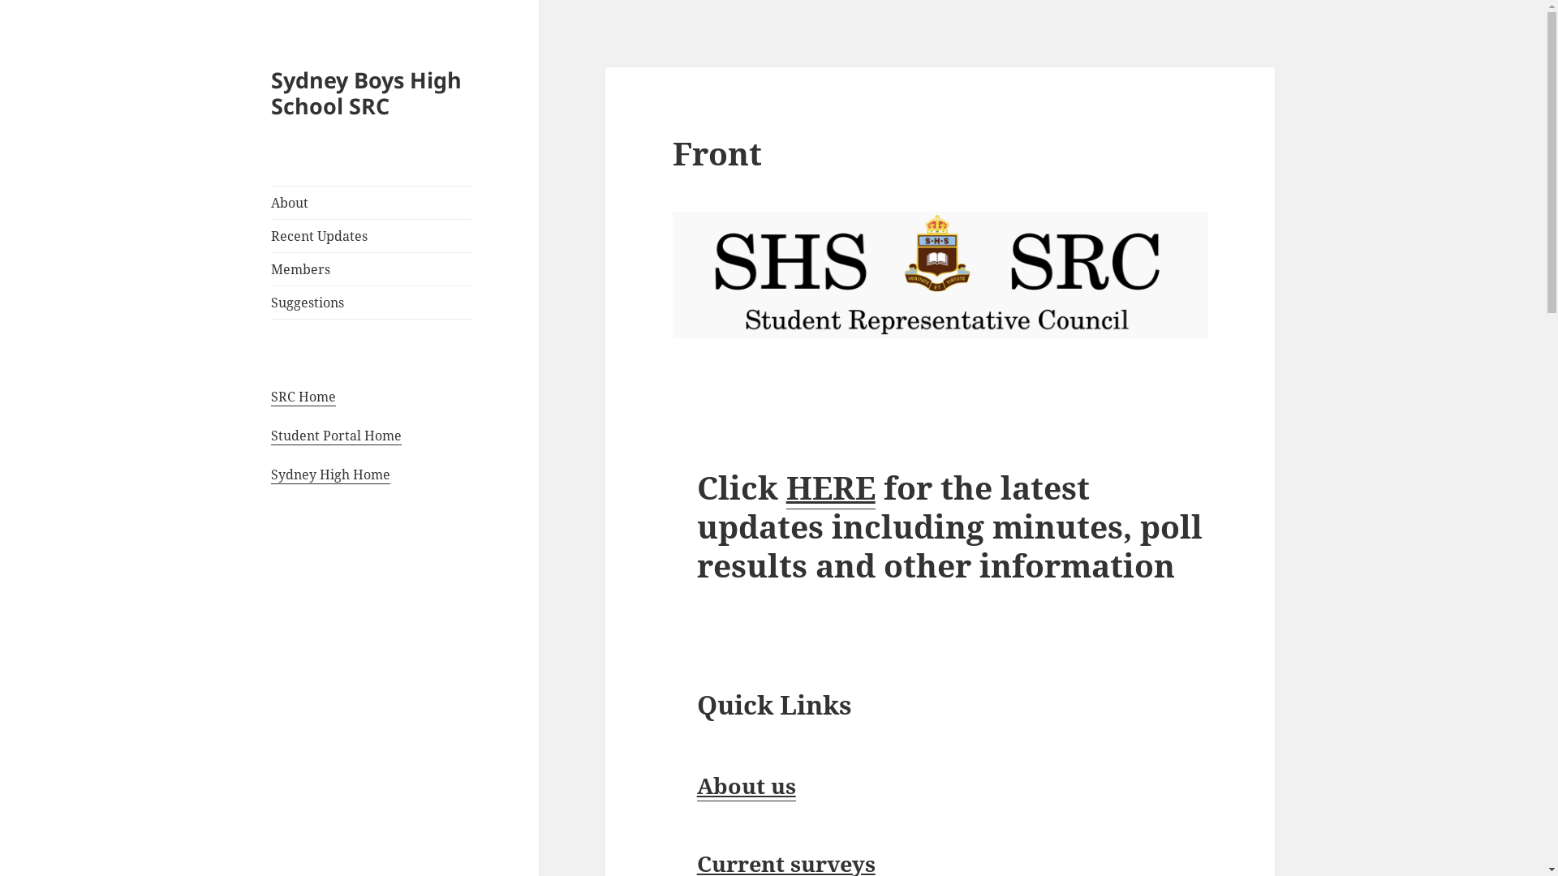 The width and height of the screenshot is (1558, 876). Describe the element at coordinates (746, 784) in the screenshot. I see `'About us'` at that location.